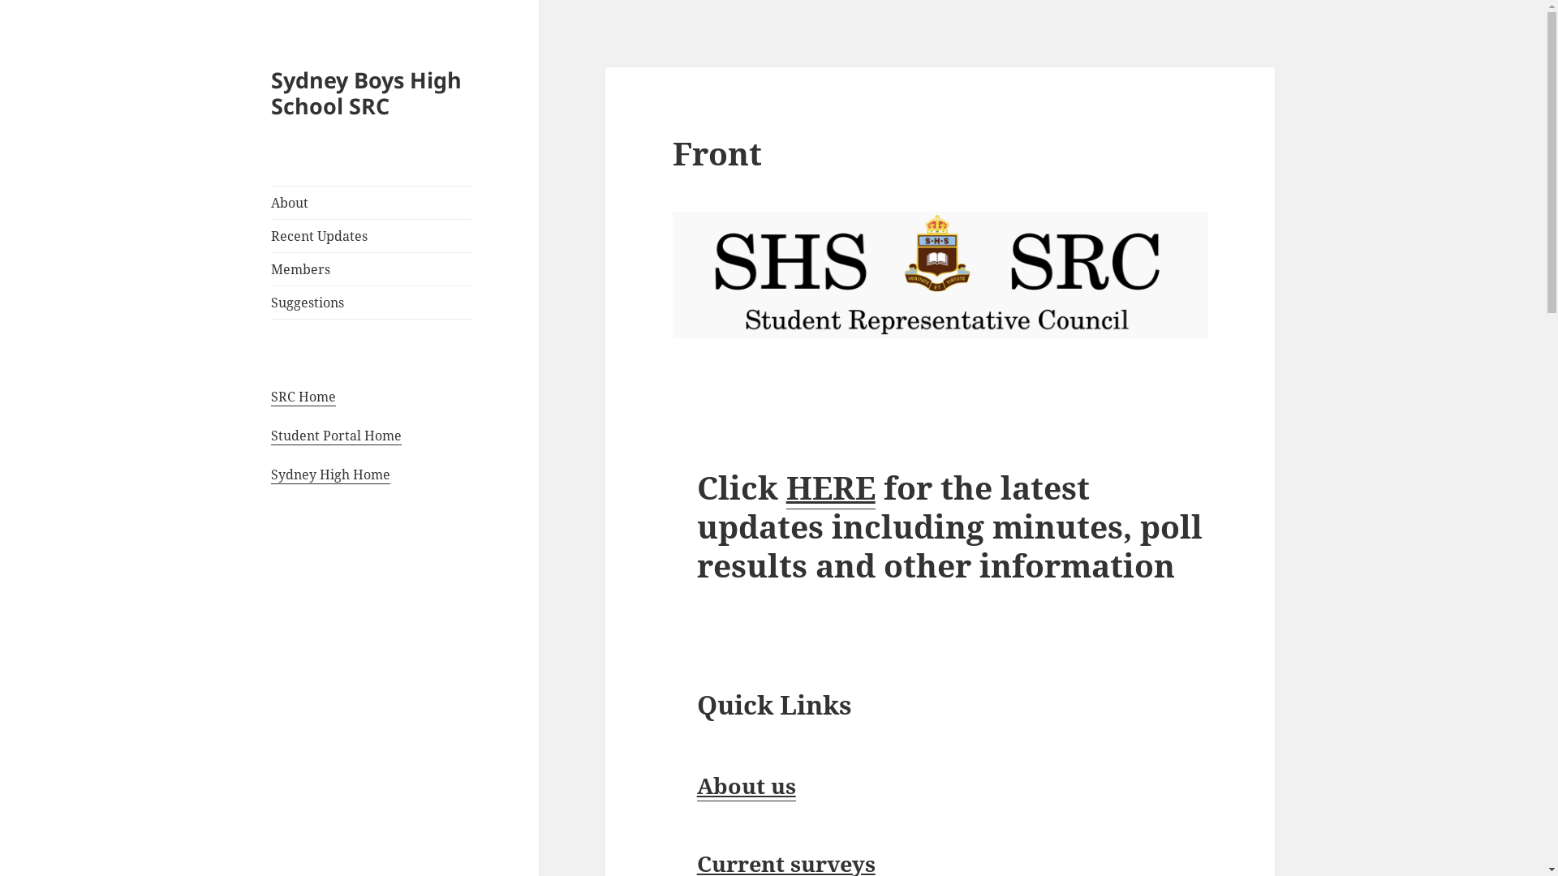 The width and height of the screenshot is (1558, 876). Describe the element at coordinates (746, 784) in the screenshot. I see `'About us'` at that location.